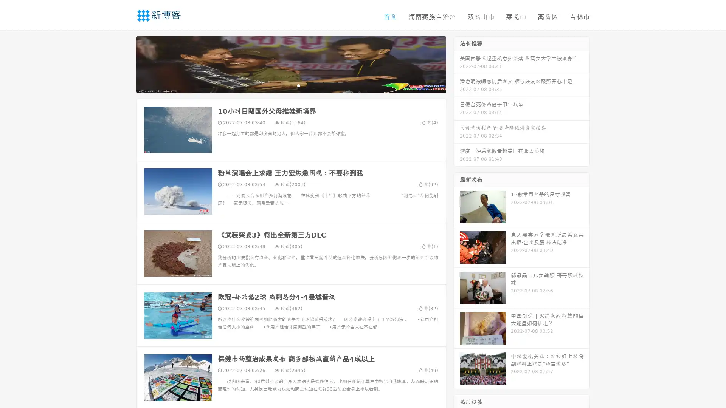 The width and height of the screenshot is (726, 408). What do you see at coordinates (298, 85) in the screenshot?
I see `Go to slide 3` at bounding box center [298, 85].